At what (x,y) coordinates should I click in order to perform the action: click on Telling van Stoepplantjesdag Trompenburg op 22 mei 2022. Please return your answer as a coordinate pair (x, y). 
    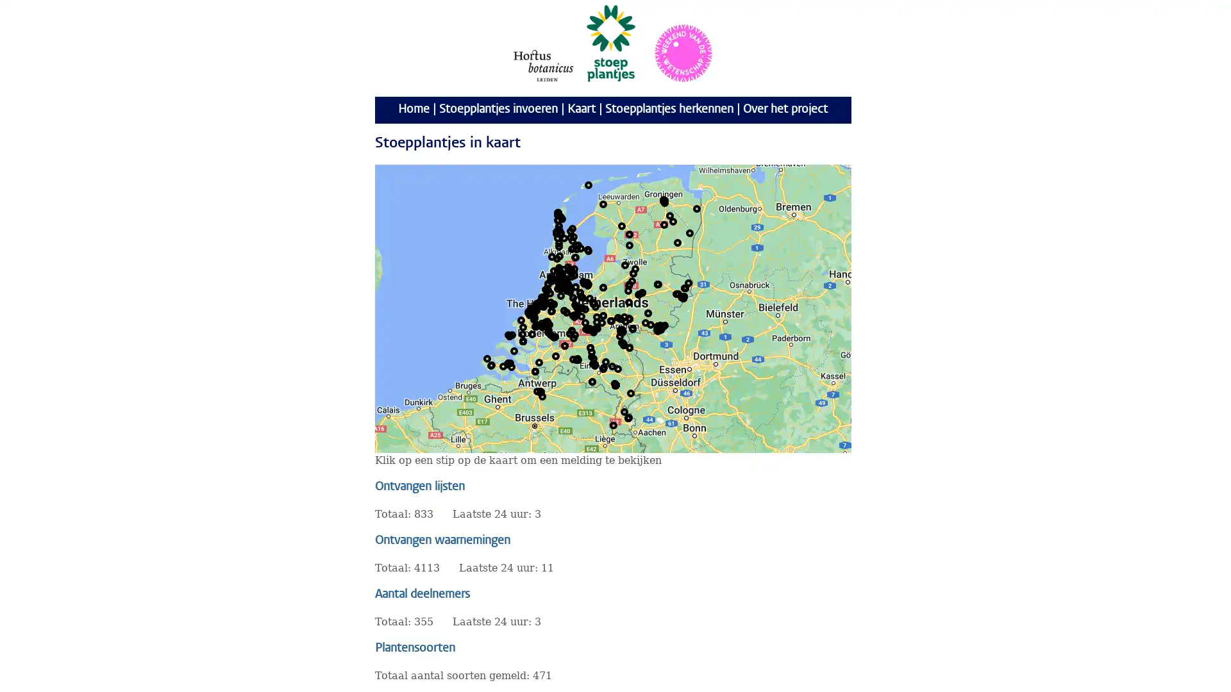
    Looking at the image, I should click on (544, 325).